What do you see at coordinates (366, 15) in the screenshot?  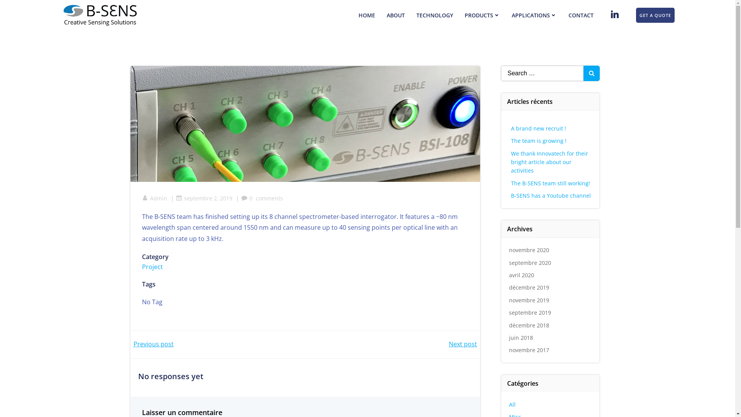 I see `'HOME'` at bounding box center [366, 15].